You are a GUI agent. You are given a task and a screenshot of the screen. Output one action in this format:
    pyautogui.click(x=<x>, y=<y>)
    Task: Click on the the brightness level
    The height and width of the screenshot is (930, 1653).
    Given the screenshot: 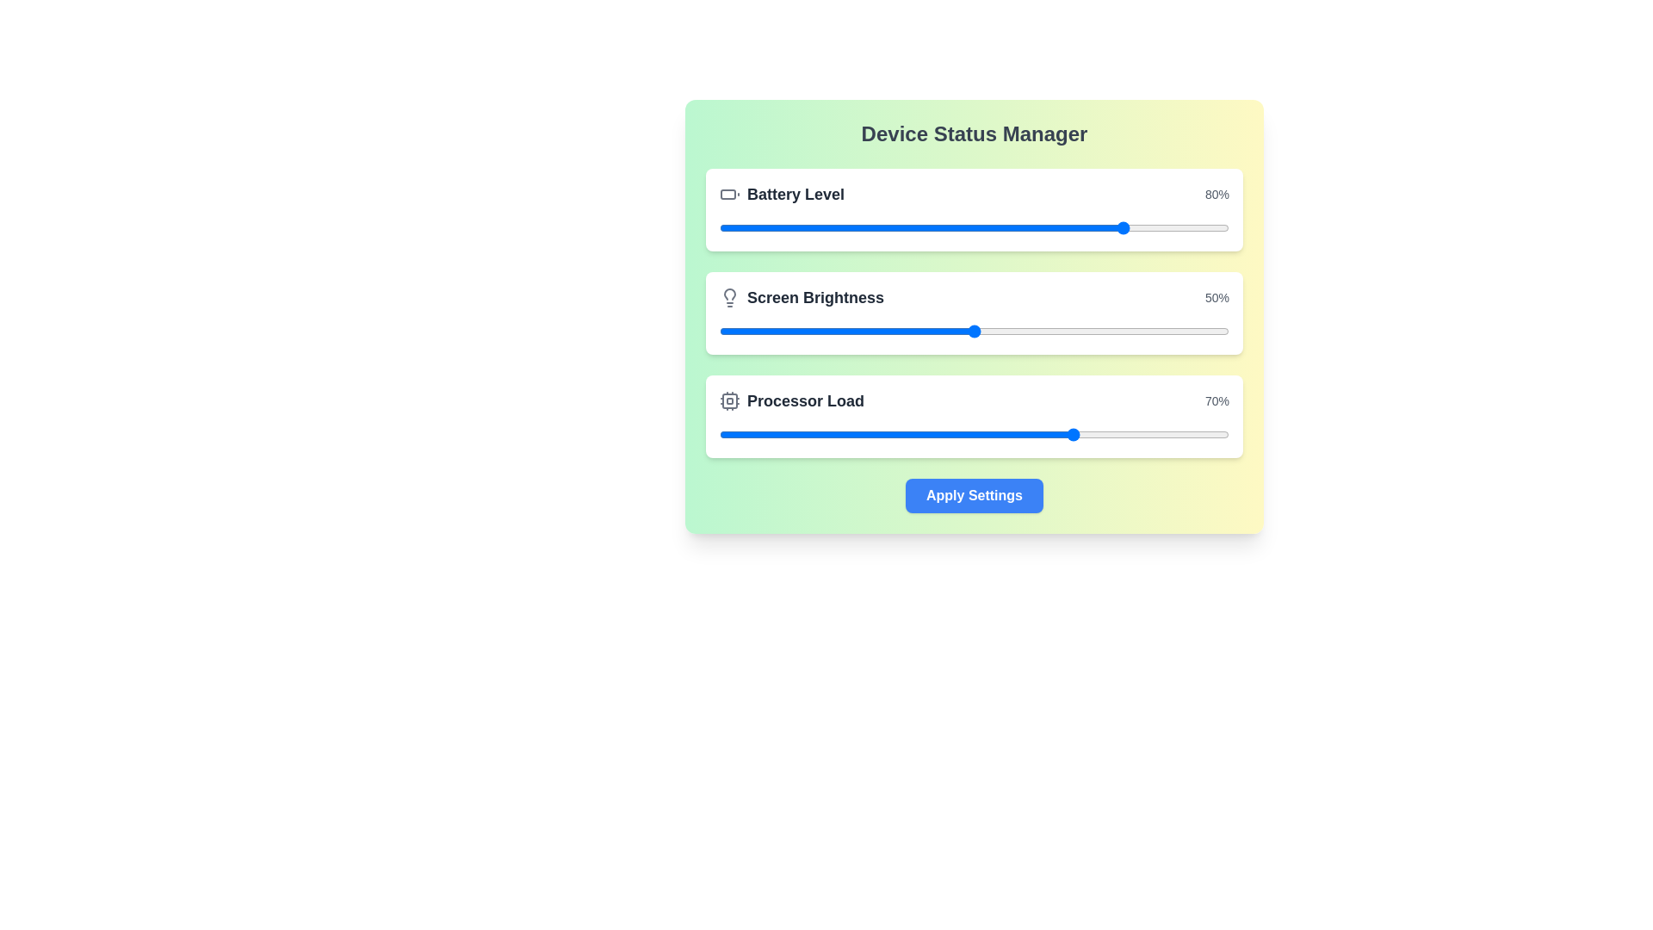 What is the action you would take?
    pyautogui.click(x=800, y=332)
    